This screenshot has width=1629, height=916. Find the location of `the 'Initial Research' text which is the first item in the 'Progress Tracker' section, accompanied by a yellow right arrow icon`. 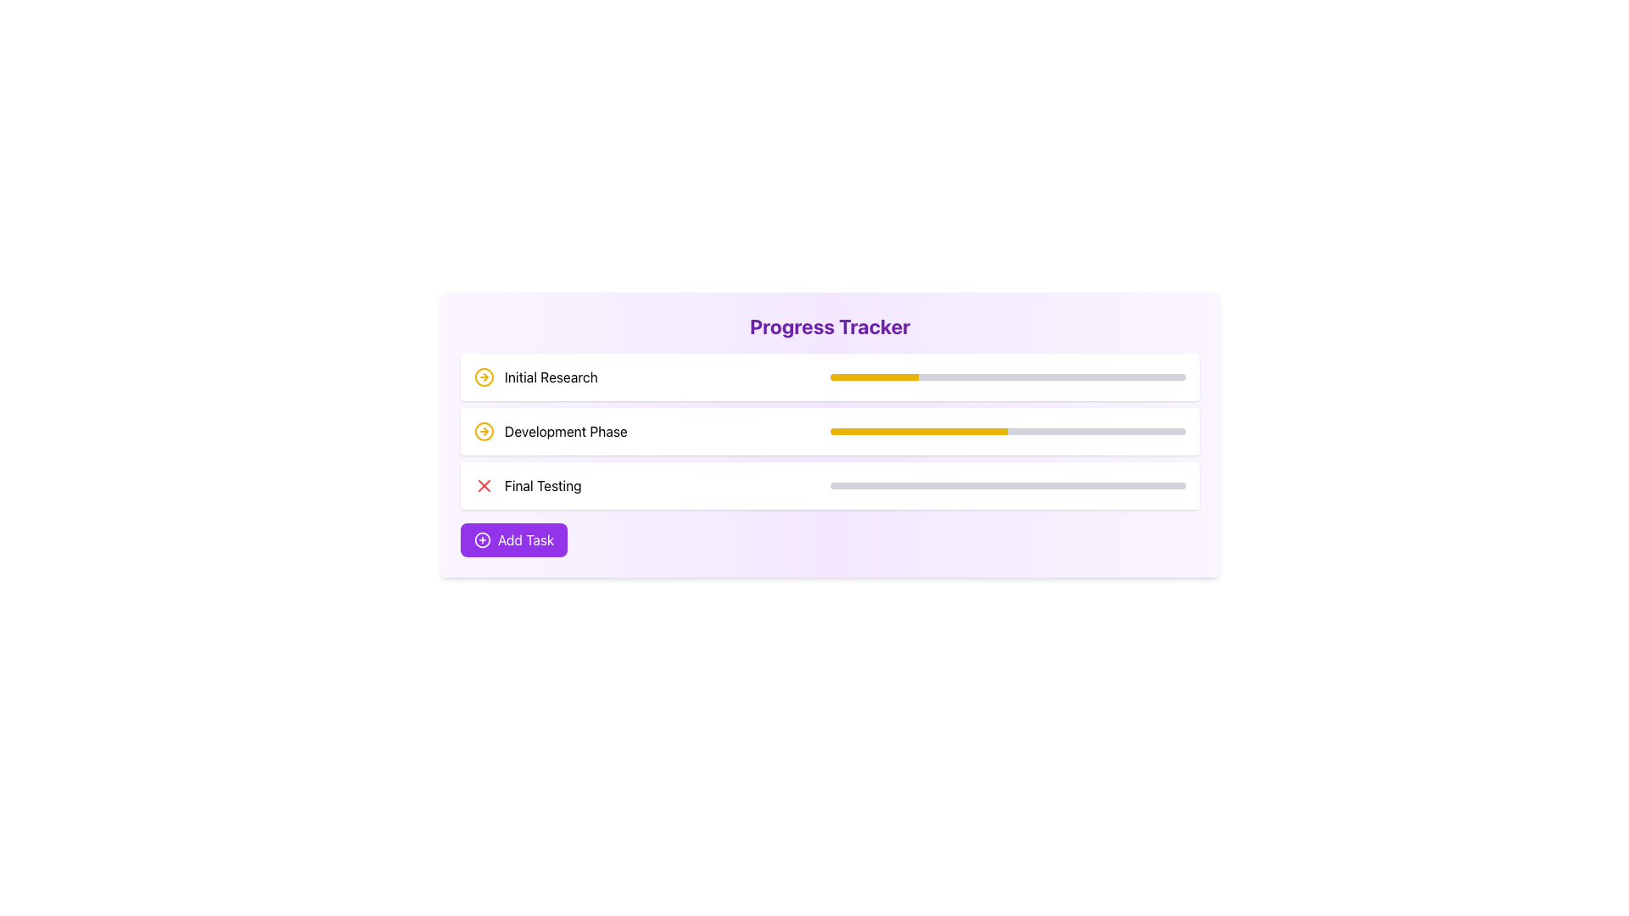

the 'Initial Research' text which is the first item in the 'Progress Tracker' section, accompanied by a yellow right arrow icon is located at coordinates (535, 376).